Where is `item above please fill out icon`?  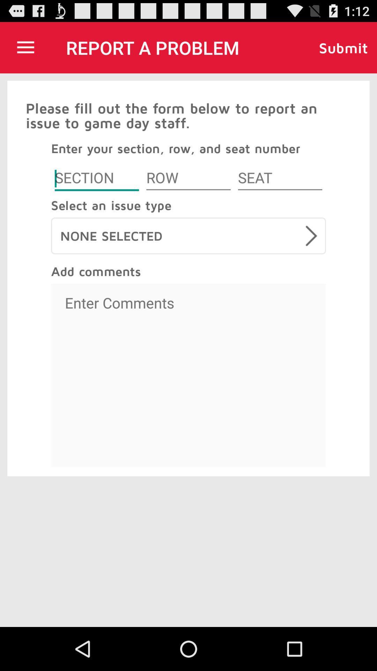
item above please fill out icon is located at coordinates (25, 47).